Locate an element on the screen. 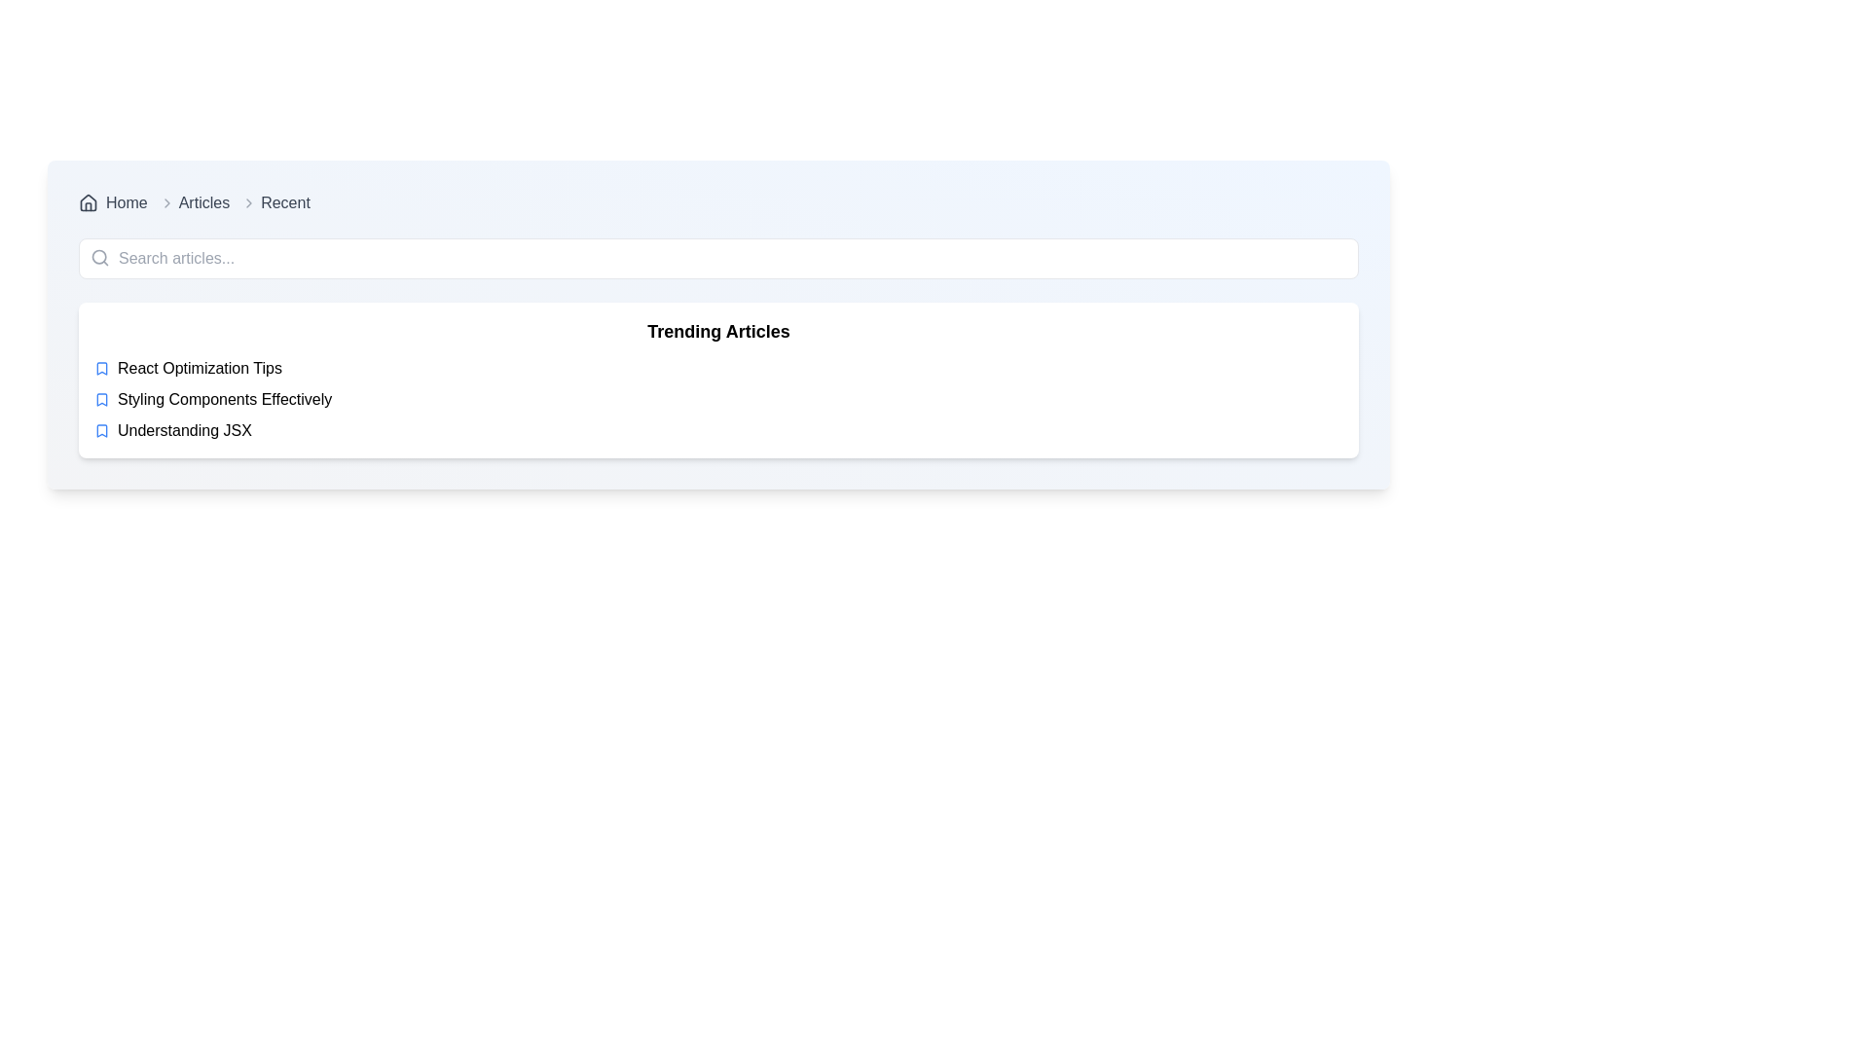 The height and width of the screenshot is (1051, 1869). the bookmark icon located to the left of the text 'Styling Components Effectively' is located at coordinates (101, 399).